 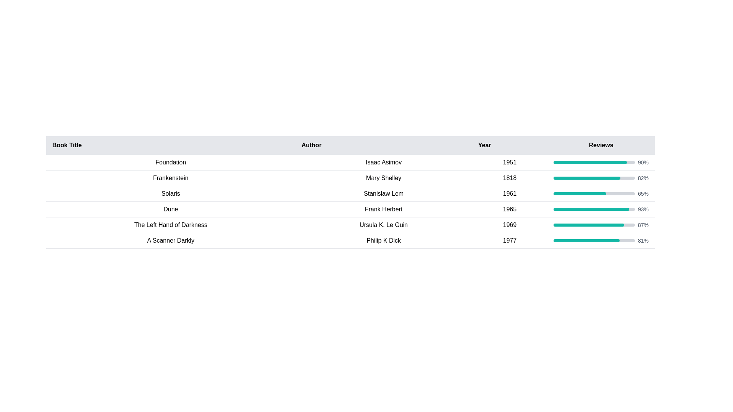 What do you see at coordinates (510, 162) in the screenshot?
I see `the static text displaying the year '1951' in the 'Year' column of the table for the book 'Foundation' by 'Isaac Asimov'` at bounding box center [510, 162].